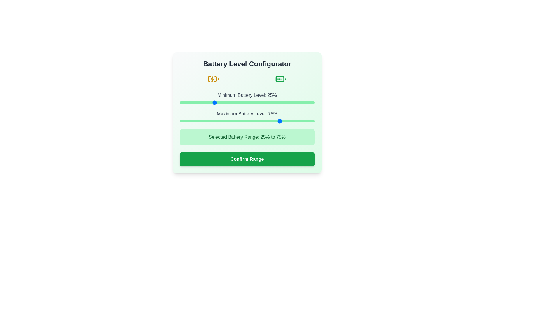 This screenshot has height=314, width=559. I want to click on the maximum battery level, so click(263, 121).